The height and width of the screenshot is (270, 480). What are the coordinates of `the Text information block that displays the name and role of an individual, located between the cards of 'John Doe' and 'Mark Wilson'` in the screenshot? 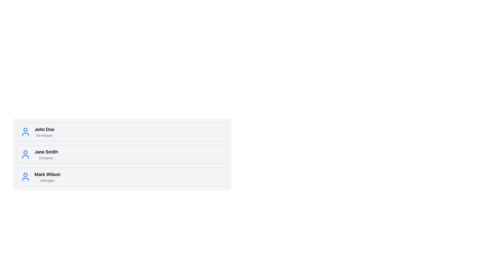 It's located at (46, 154).